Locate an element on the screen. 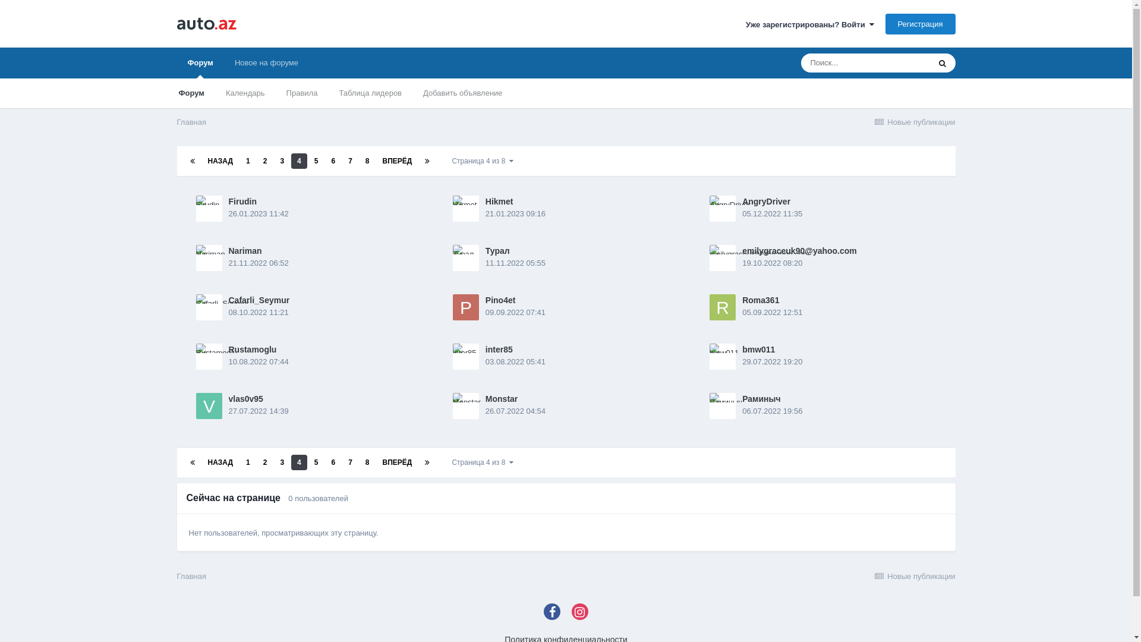  '3' is located at coordinates (273, 160).